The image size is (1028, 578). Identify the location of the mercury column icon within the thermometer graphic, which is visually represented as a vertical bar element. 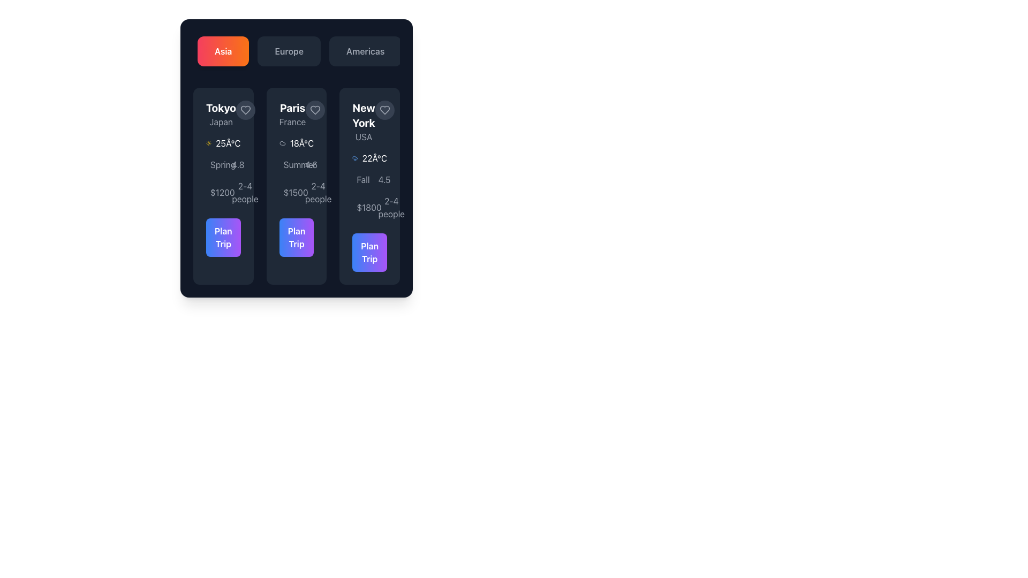
(237, 167).